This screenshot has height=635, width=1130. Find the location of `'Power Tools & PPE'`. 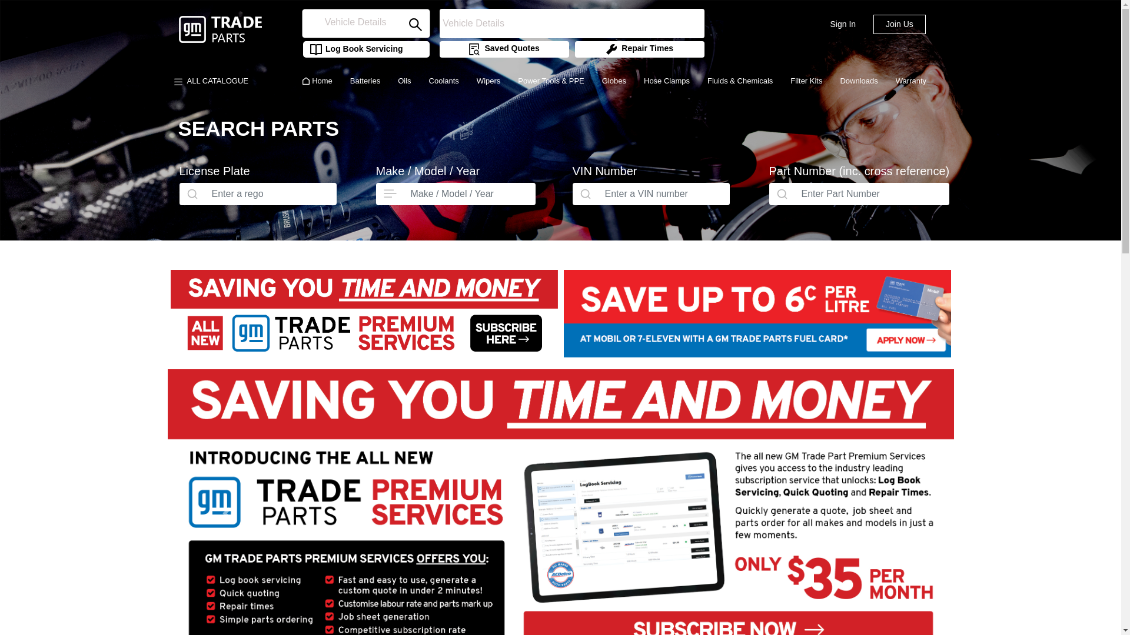

'Power Tools & PPE' is located at coordinates (550, 81).